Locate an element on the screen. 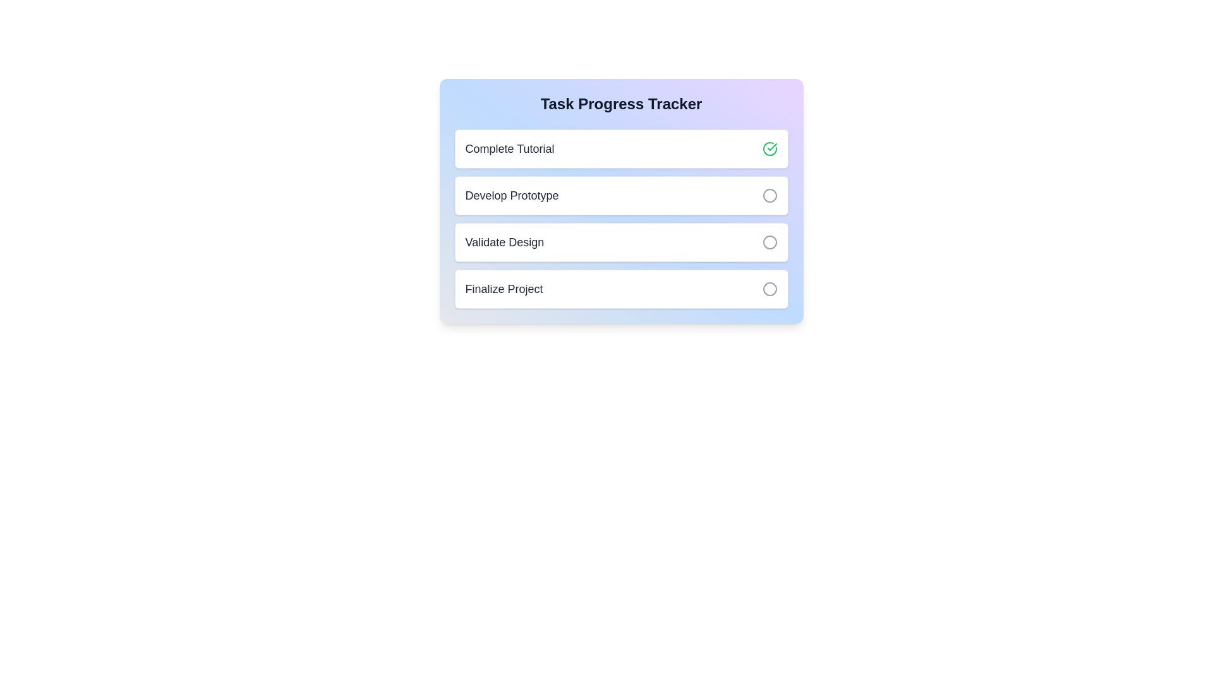  the task title Develop Prototype is located at coordinates (512, 195).